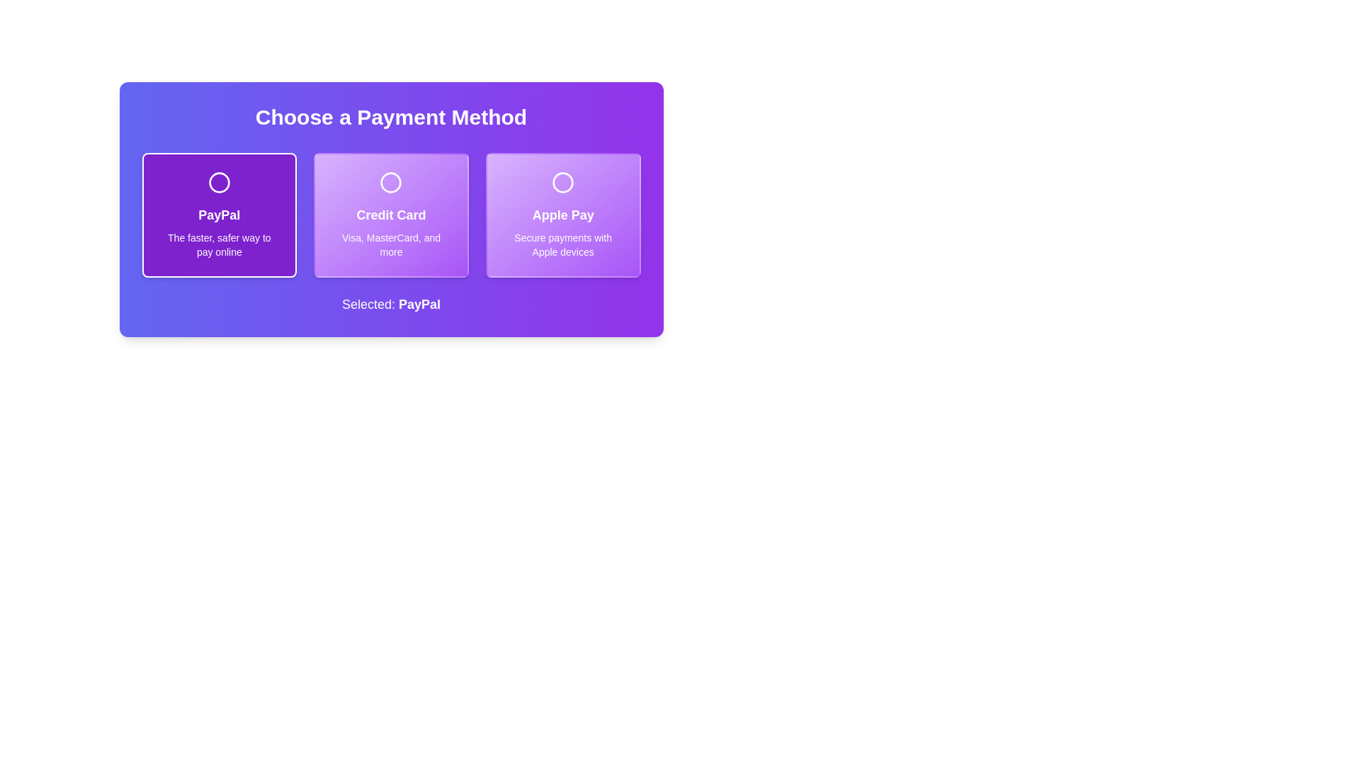  Describe the element at coordinates (391, 215) in the screenshot. I see `the 'Credit Card' button, which is a card with a rounded border and gradient background located in the 'Choose a Payment Method' section` at that location.